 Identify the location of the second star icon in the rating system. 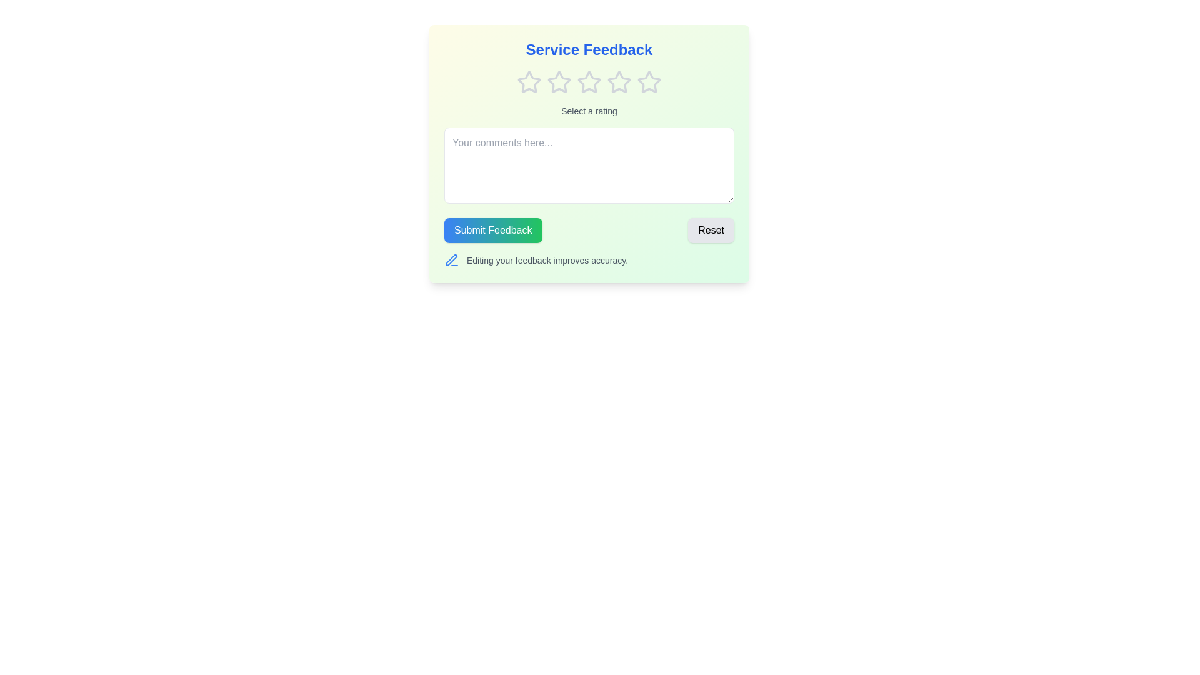
(558, 82).